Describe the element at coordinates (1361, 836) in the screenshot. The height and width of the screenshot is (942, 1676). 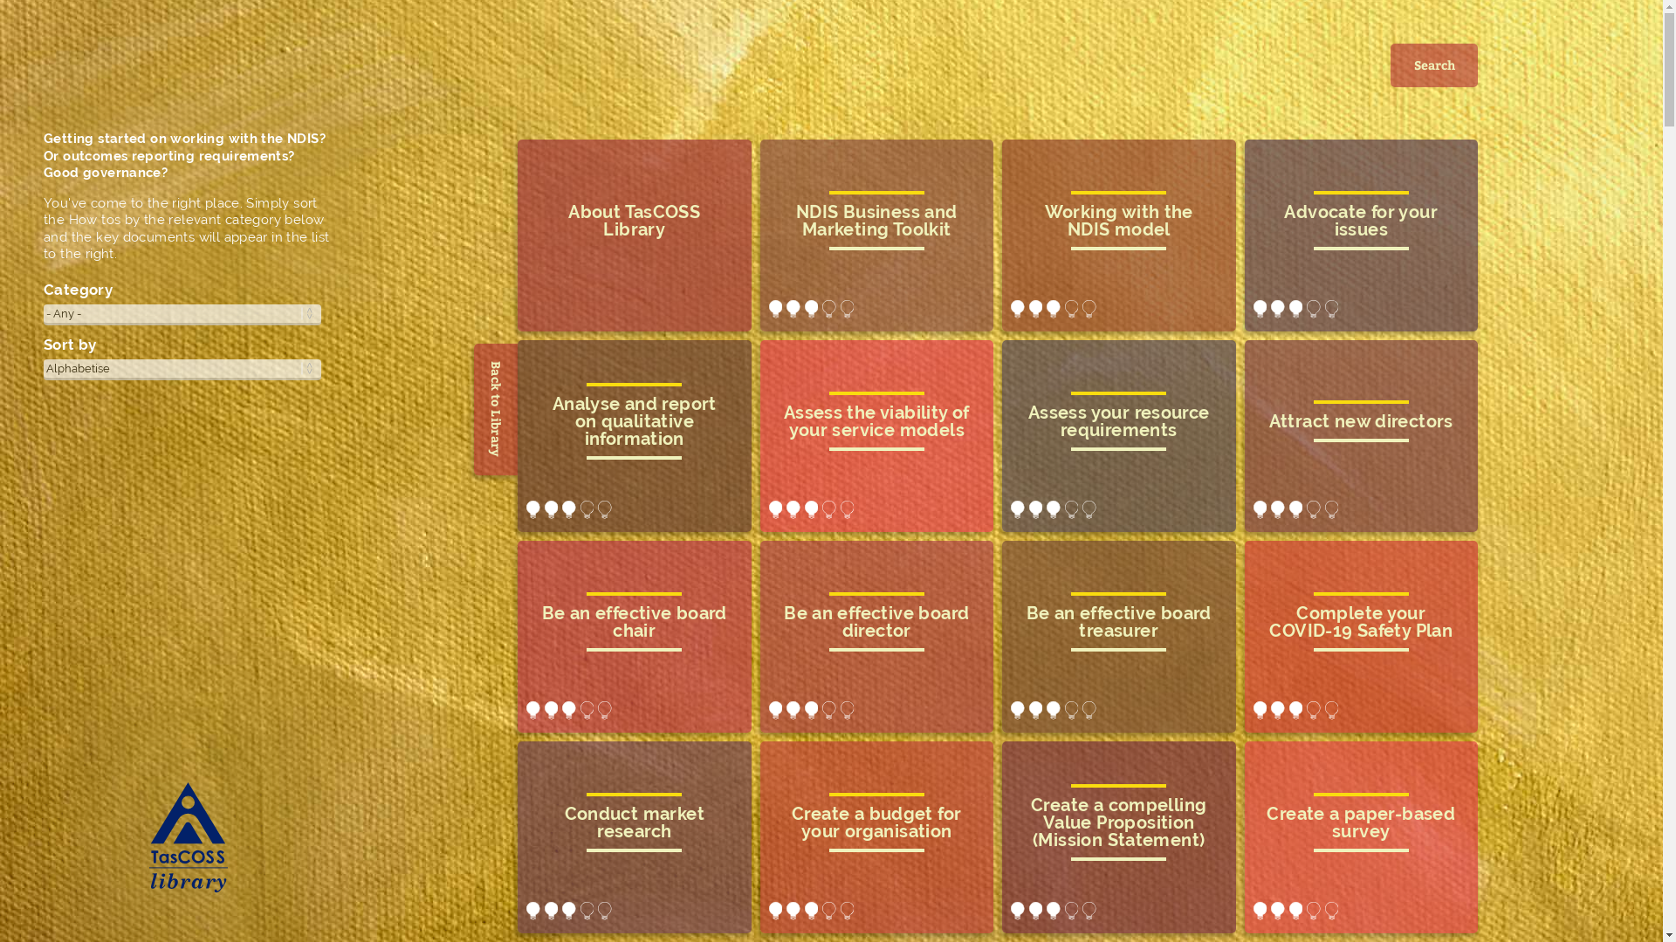
I see `'create a paper-based survey'` at that location.